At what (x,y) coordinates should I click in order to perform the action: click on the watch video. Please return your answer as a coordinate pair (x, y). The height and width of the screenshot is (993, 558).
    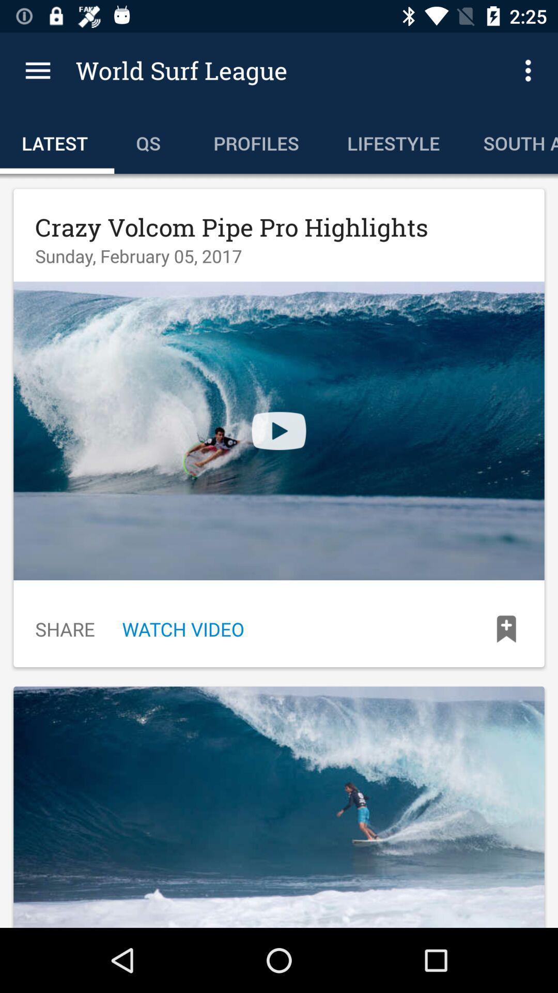
    Looking at the image, I should click on (182, 628).